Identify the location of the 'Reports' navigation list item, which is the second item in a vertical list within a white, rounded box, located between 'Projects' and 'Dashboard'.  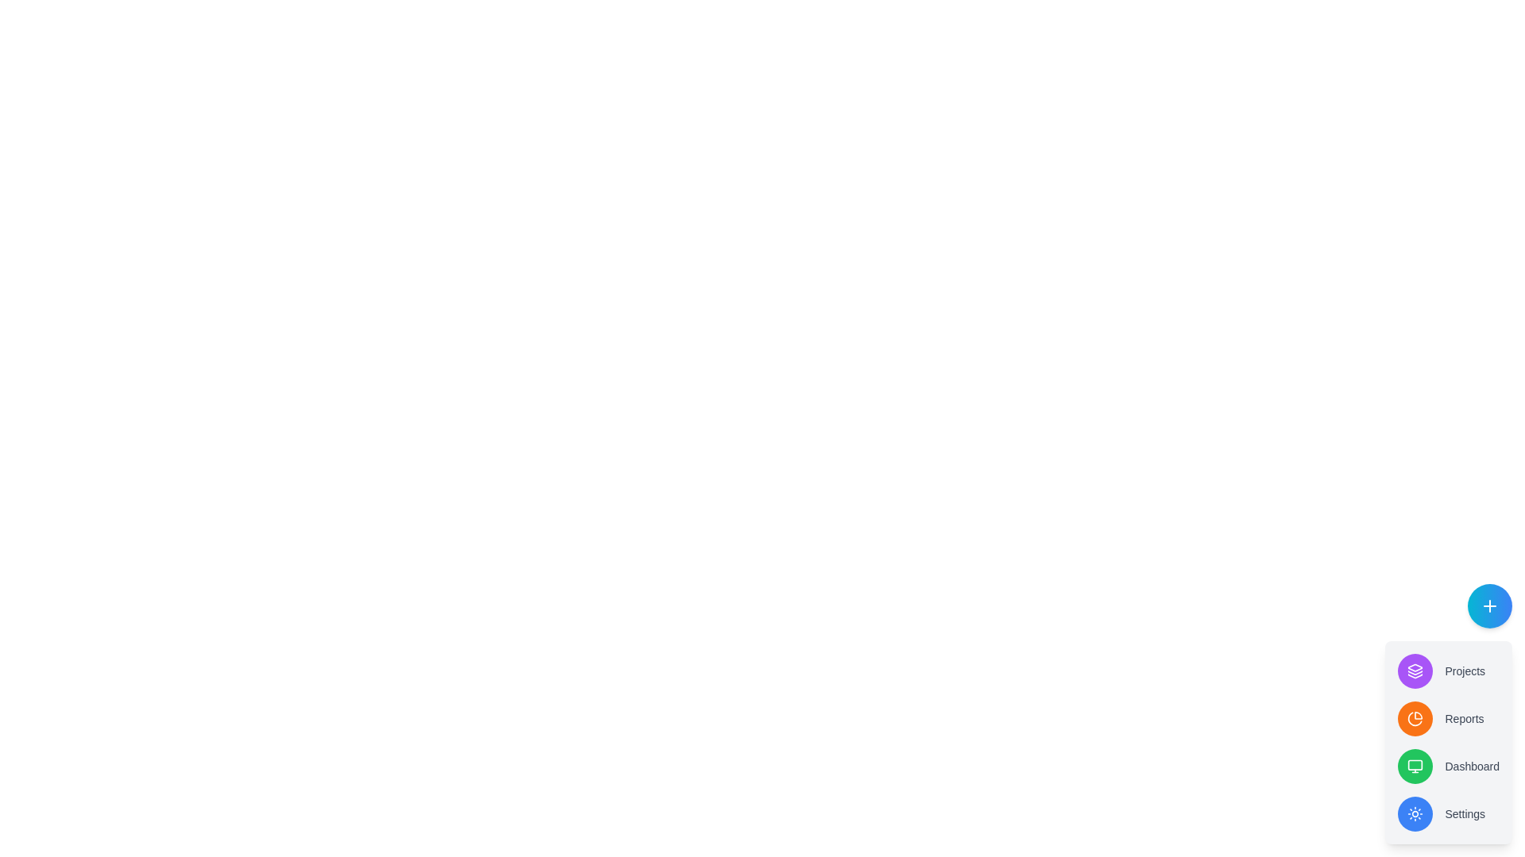
(1448, 719).